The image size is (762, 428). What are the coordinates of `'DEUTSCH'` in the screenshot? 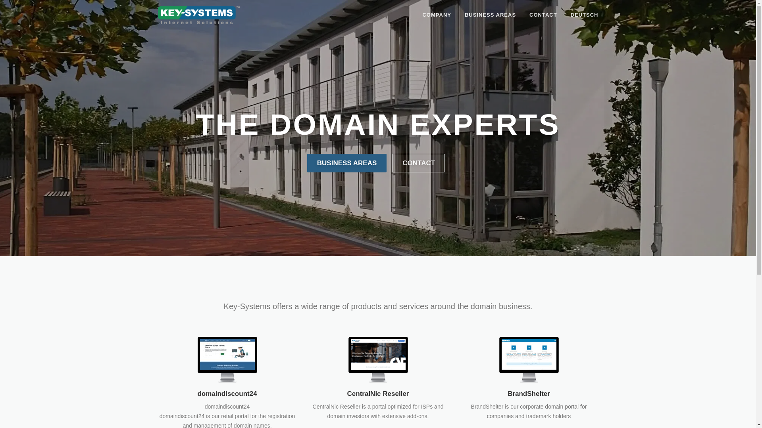 It's located at (563, 15).